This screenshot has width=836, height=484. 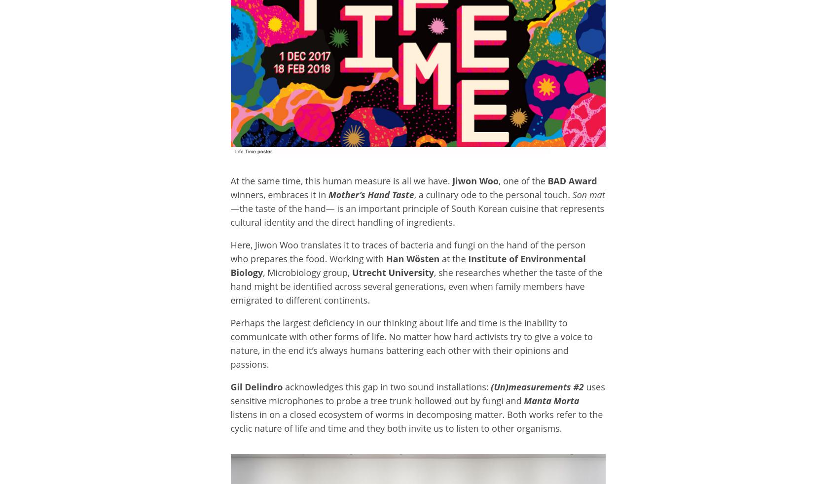 What do you see at coordinates (229, 343) in the screenshot?
I see `'Perhaps the largest deficiency in our thinking about life and time is the inability to communicate with other forms of life. No matter how hard activists try to give a voice to nature, in the end it’s always humans battering each other with their opinions and passions.'` at bounding box center [229, 343].